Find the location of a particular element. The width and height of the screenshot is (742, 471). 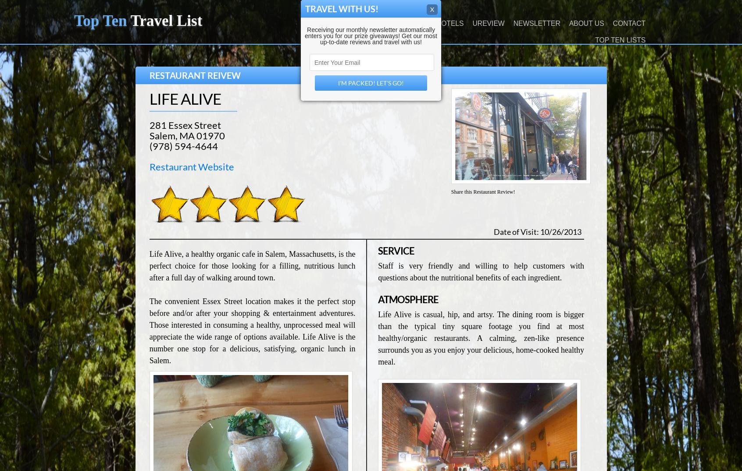

'Restaurant Reivew' is located at coordinates (148, 75).